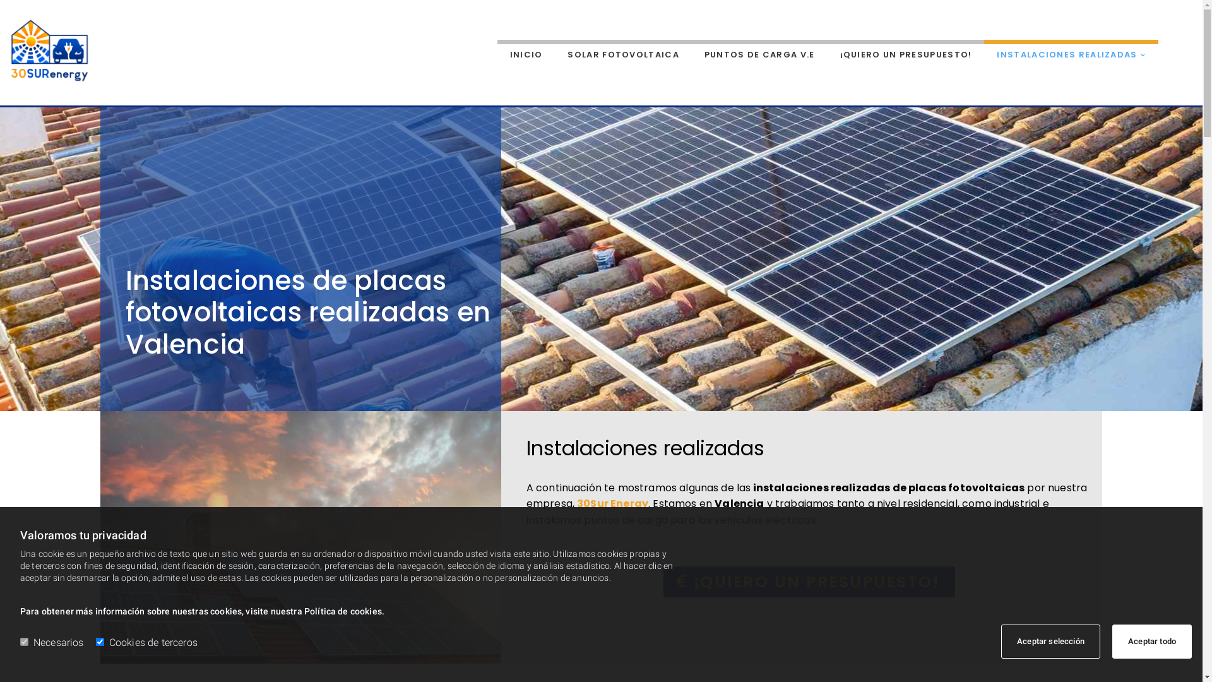 This screenshot has width=1212, height=682. Describe the element at coordinates (1151, 641) in the screenshot. I see `'Aceptar todo'` at that location.